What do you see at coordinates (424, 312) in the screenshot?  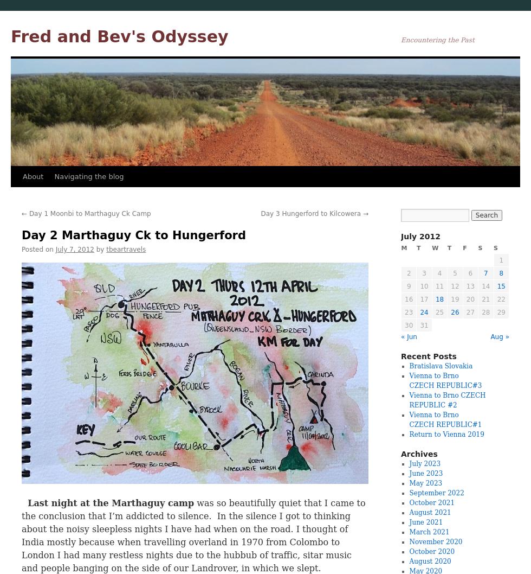 I see `'24'` at bounding box center [424, 312].